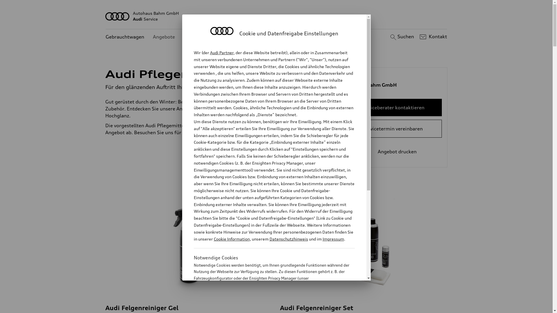  Describe the element at coordinates (401, 37) in the screenshot. I see `'Suchen'` at that location.